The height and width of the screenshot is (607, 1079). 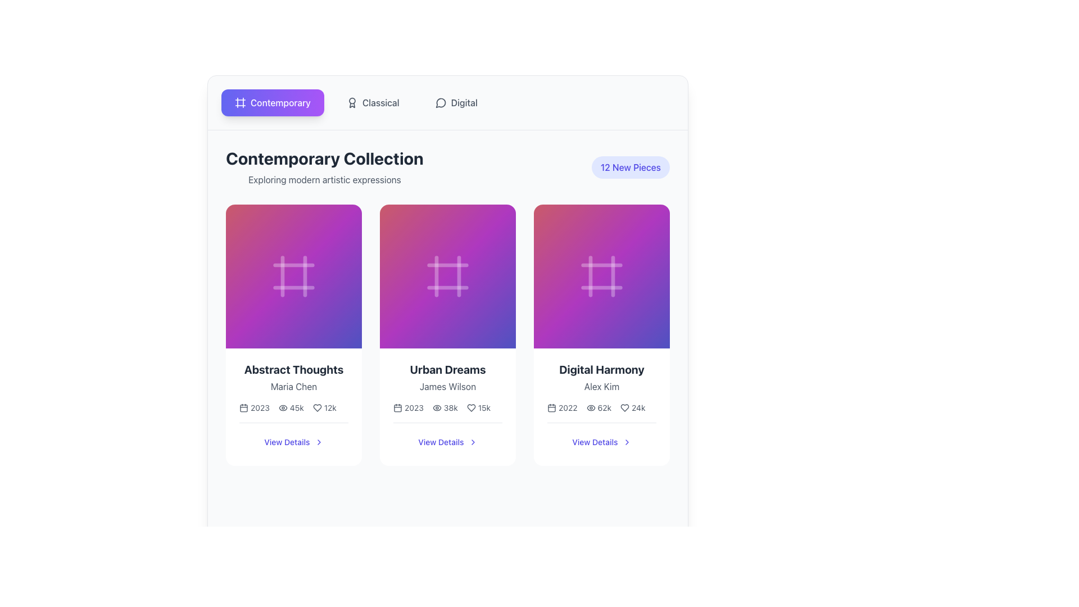 What do you see at coordinates (239, 102) in the screenshot?
I see `the 'Contemporary' filter button which contains the decorative icon for easy recognition` at bounding box center [239, 102].